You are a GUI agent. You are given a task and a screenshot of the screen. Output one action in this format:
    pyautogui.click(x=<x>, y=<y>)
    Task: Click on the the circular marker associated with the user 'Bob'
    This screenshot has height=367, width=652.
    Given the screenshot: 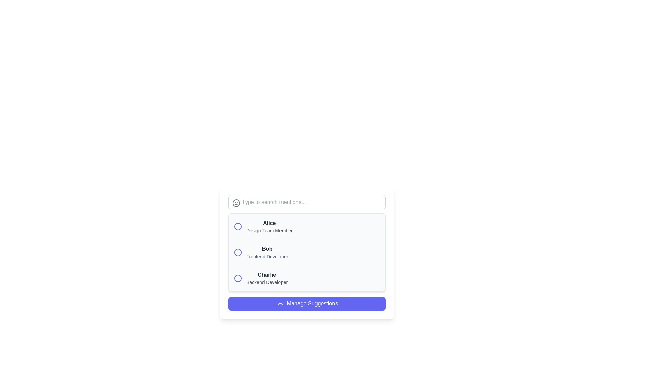 What is the action you would take?
    pyautogui.click(x=238, y=252)
    